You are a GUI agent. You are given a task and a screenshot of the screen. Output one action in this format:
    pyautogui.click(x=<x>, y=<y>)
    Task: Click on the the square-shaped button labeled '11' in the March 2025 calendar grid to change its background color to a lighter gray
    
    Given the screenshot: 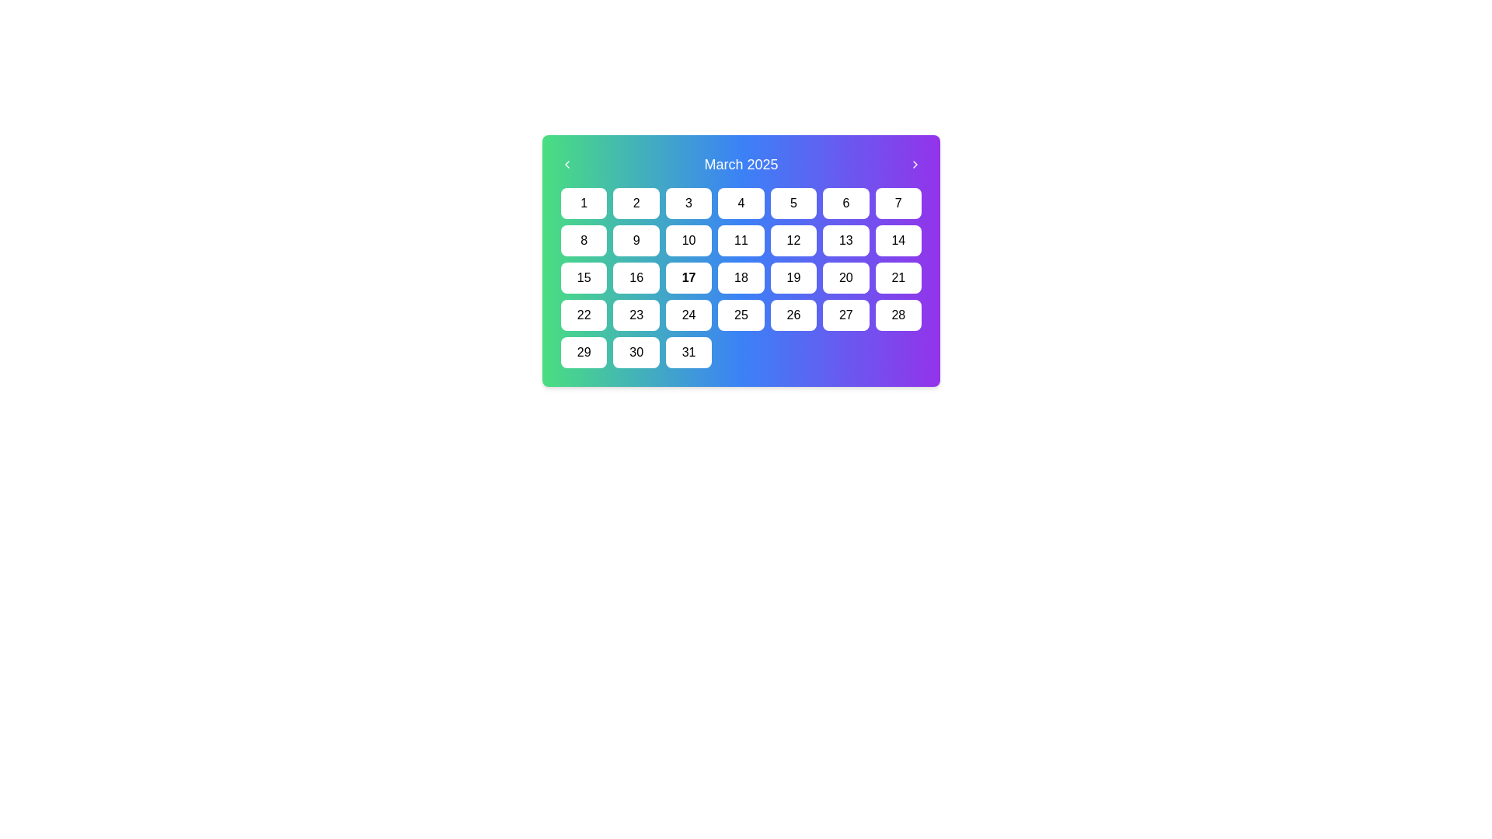 What is the action you would take?
    pyautogui.click(x=741, y=240)
    